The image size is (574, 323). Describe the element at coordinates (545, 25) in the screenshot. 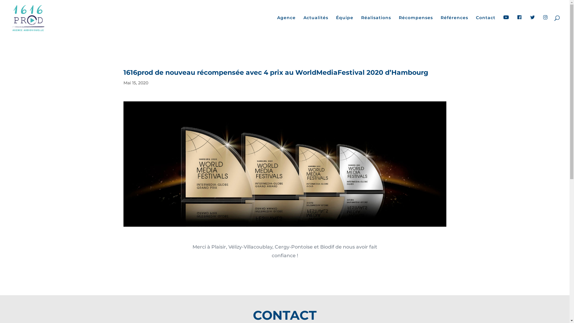

I see `'Instagram'` at that location.